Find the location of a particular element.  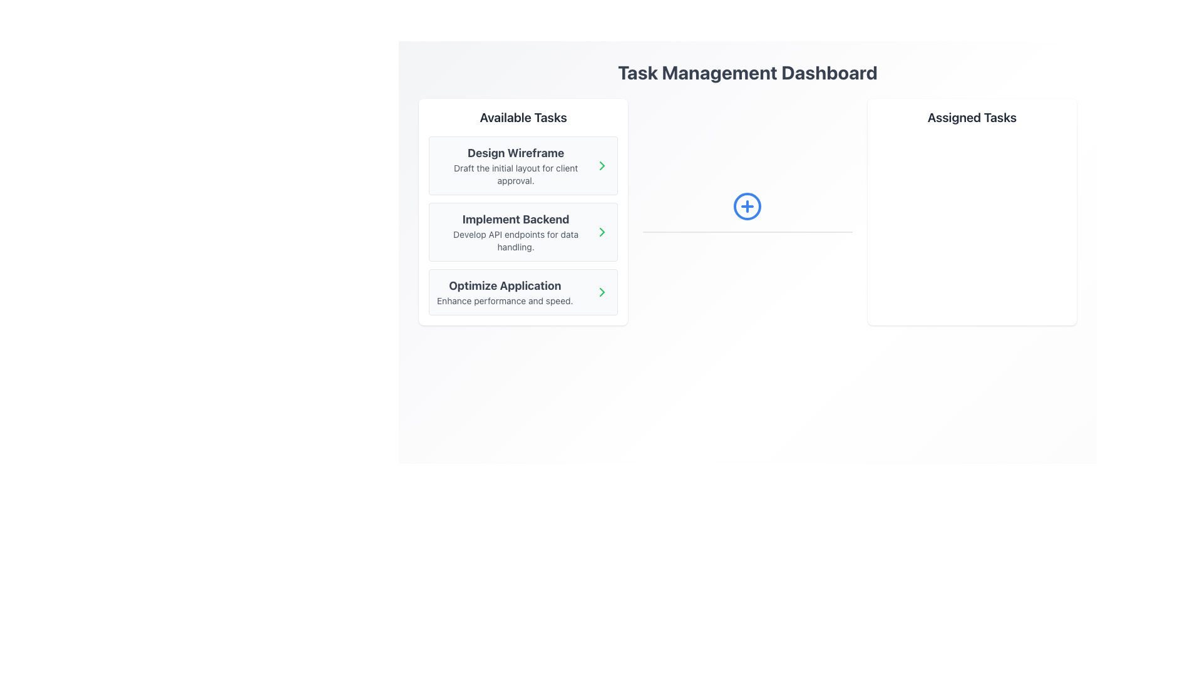

the task item labeled 'Optimize Application' in the list of available tasks, which is the third item below the header is located at coordinates (505, 292).